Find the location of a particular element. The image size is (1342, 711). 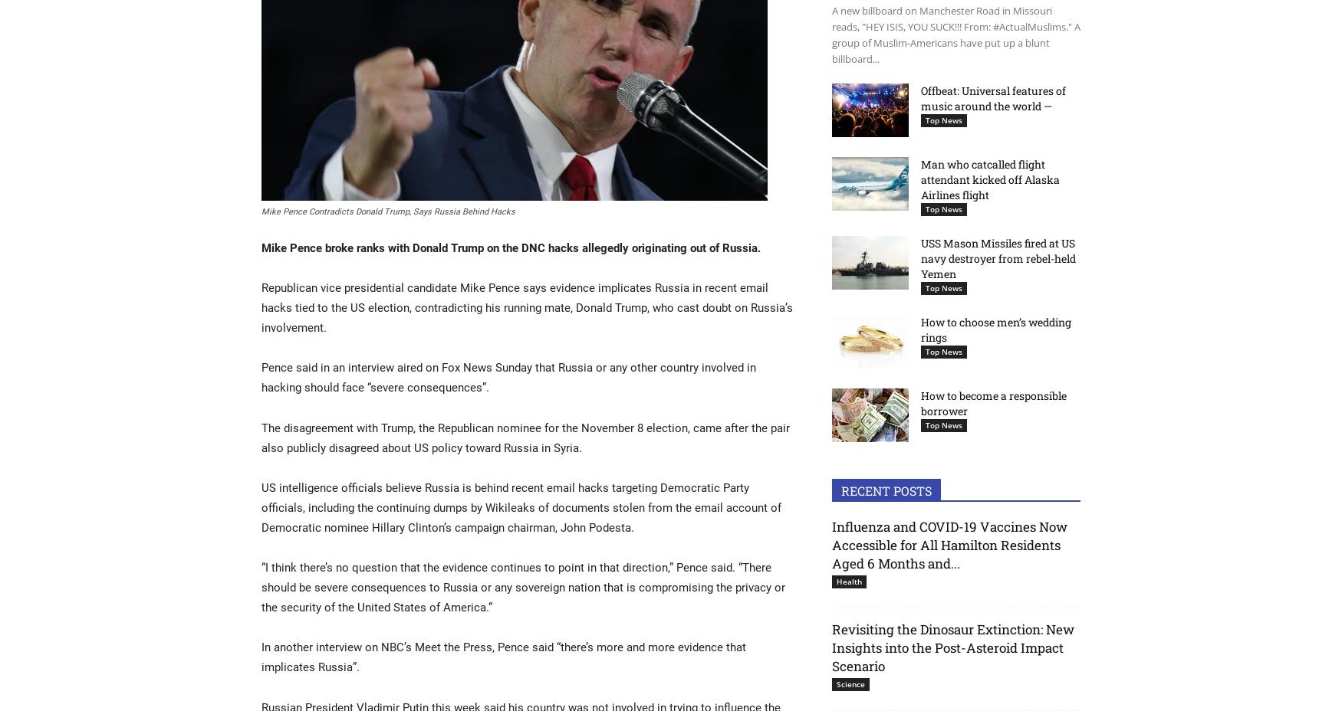

'Mike Pence broke ranks with Donald Trump on the DNC hacks allegedly originating out of Russia.' is located at coordinates (261, 247).